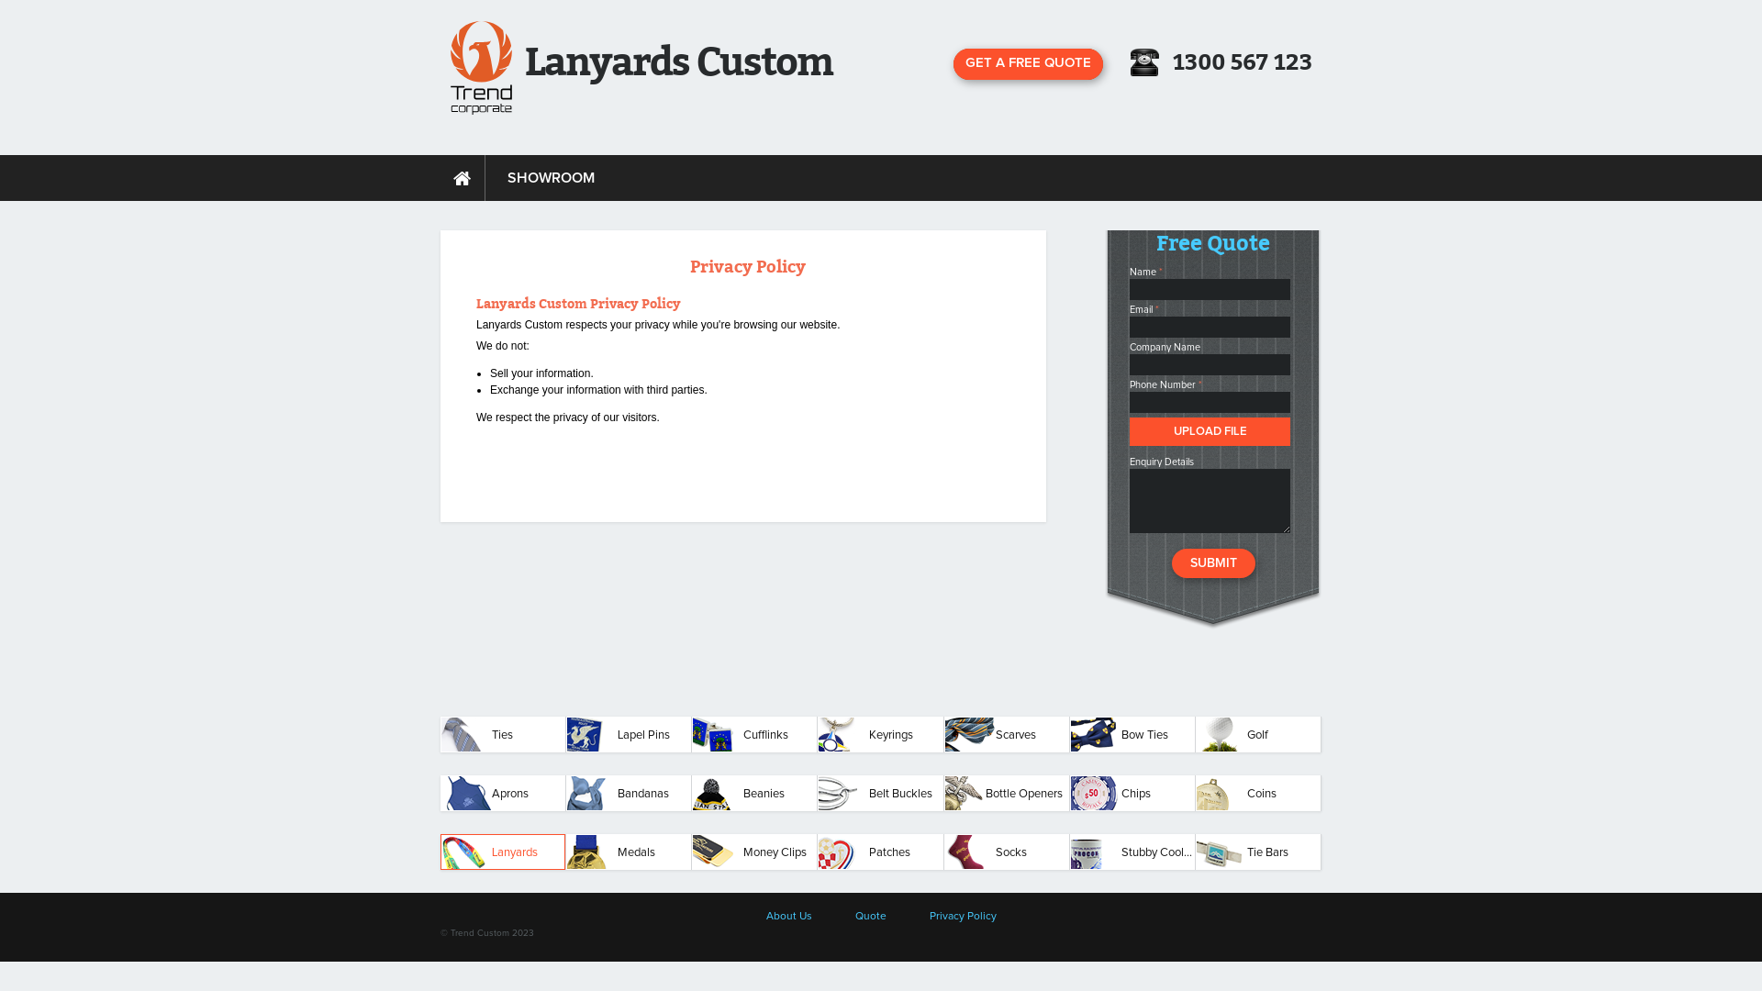 Image resolution: width=1762 pixels, height=991 pixels. Describe the element at coordinates (1195, 852) in the screenshot. I see `'Tie Bars'` at that location.